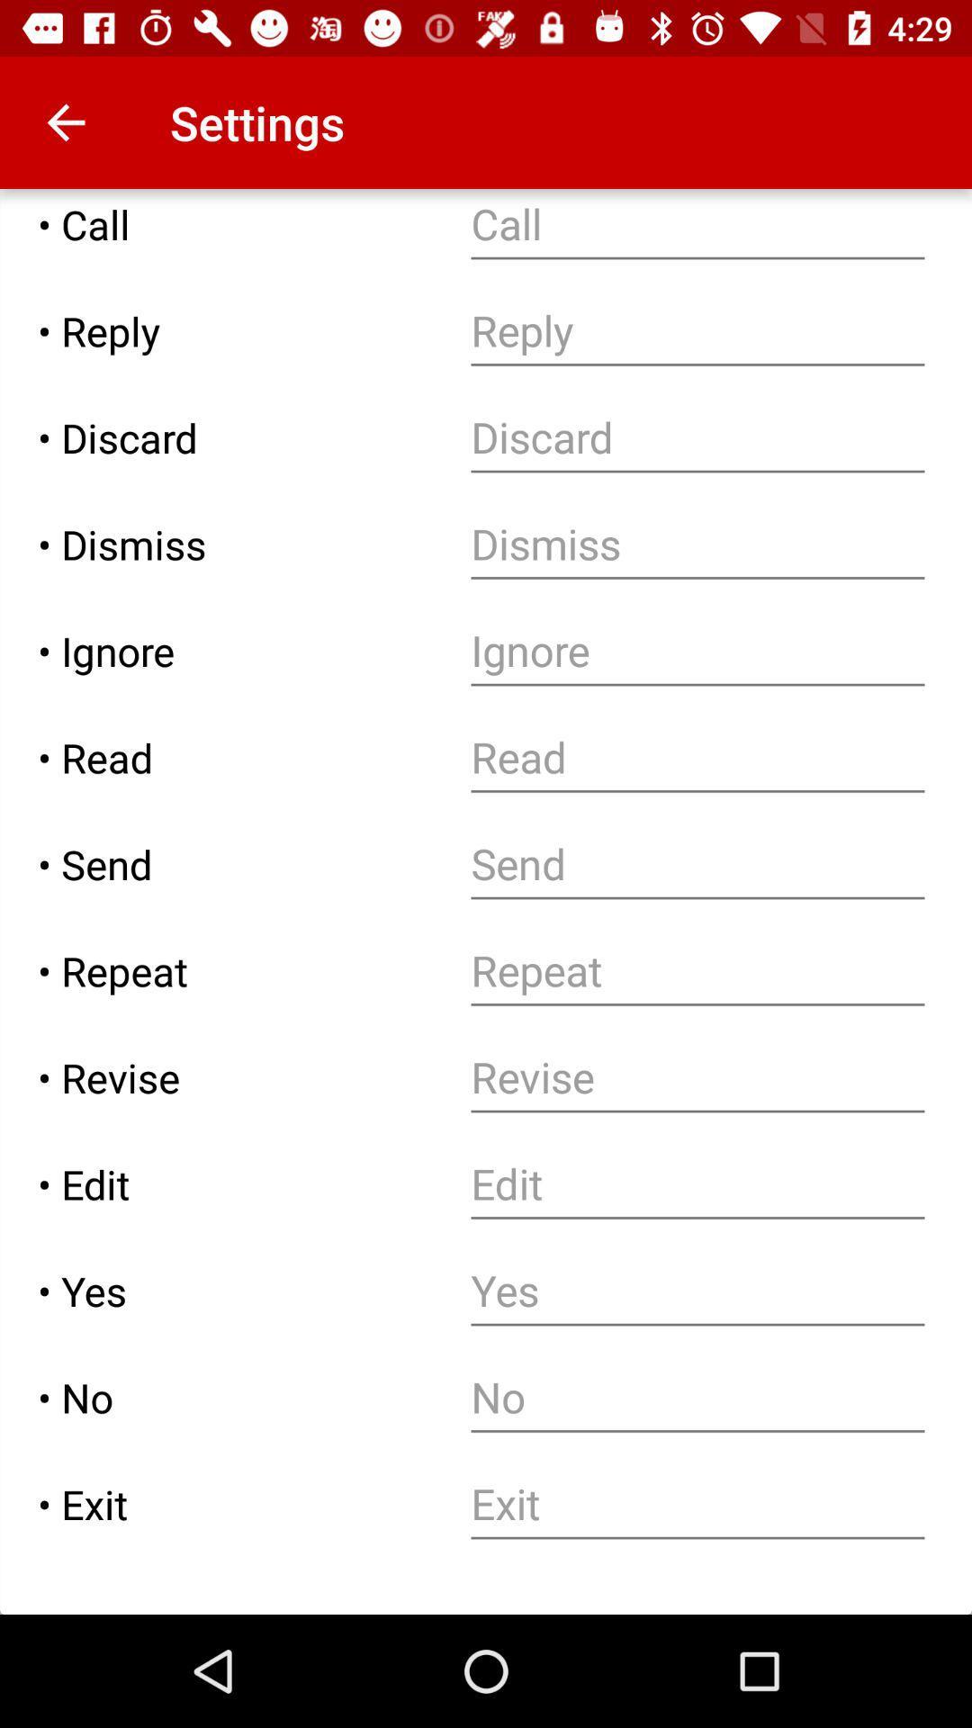 The image size is (972, 1728). I want to click on text box for discard, so click(697, 437).